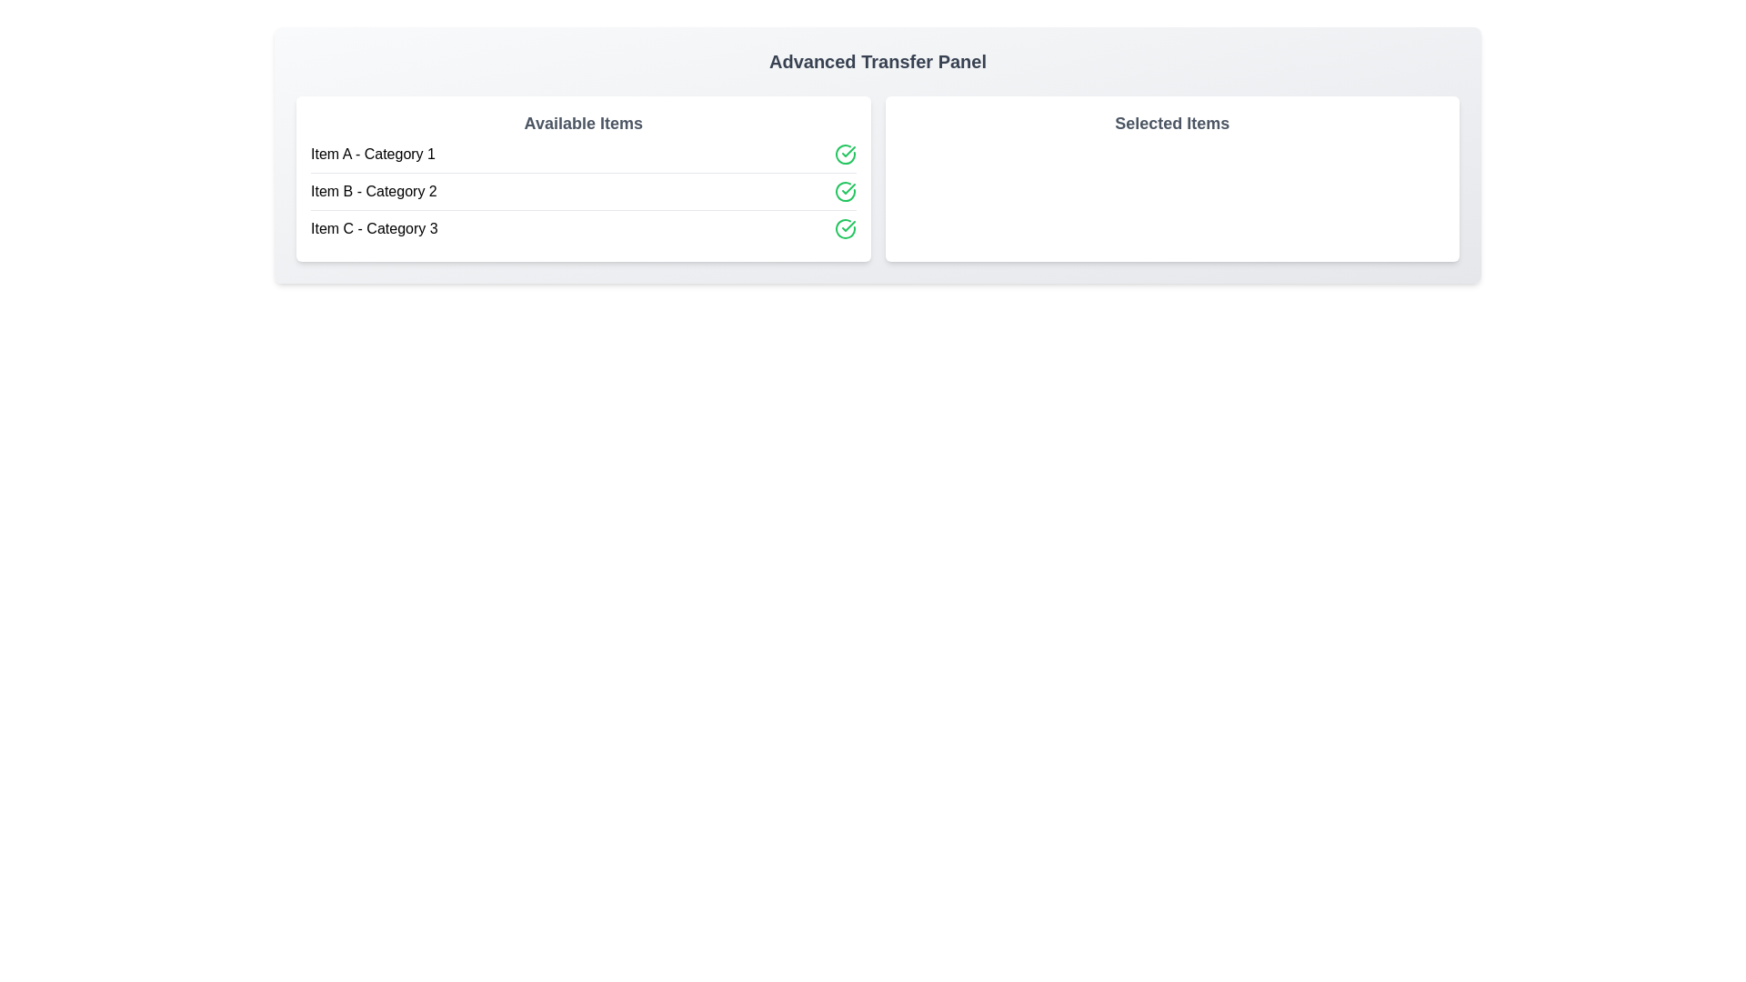  Describe the element at coordinates (844, 192) in the screenshot. I see `the status indicator icon located to the right of 'Item B - Category 2'` at that location.